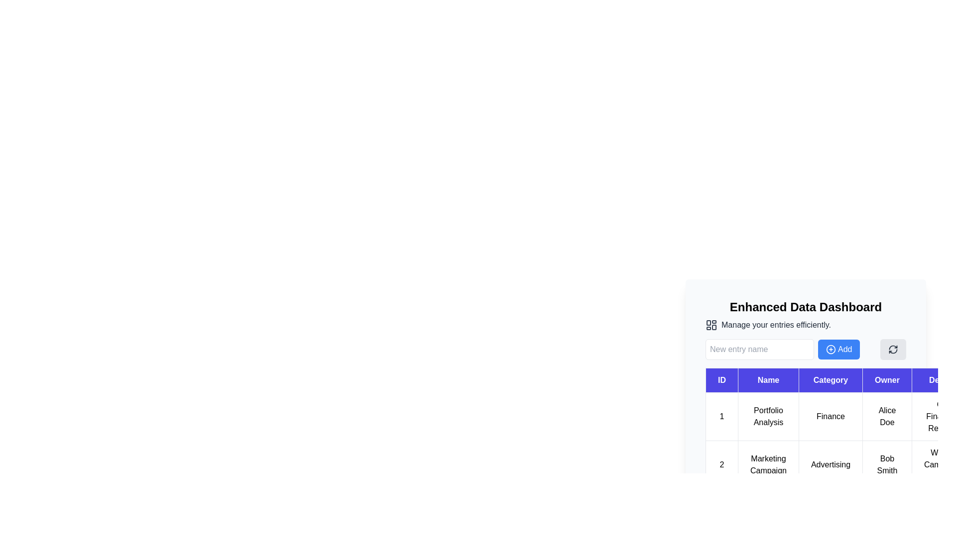 The image size is (956, 537). Describe the element at coordinates (768, 416) in the screenshot. I see `the table cell containing the text 'Portfolio Analysis'` at that location.